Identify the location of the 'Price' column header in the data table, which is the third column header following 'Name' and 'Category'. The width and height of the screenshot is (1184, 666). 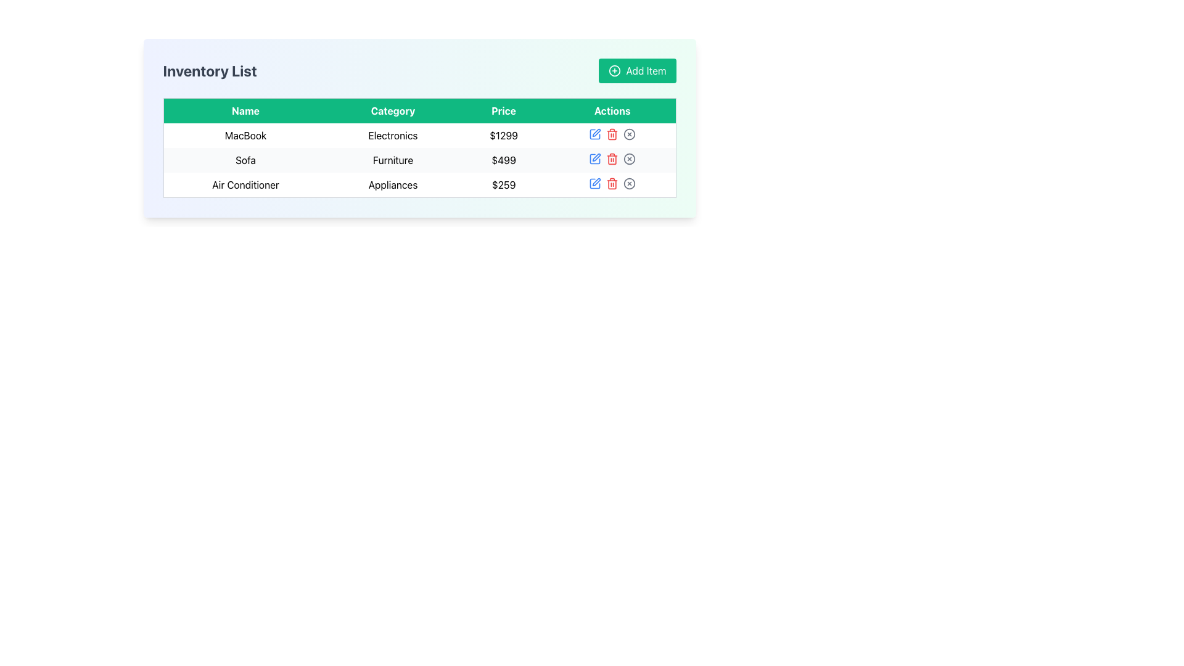
(504, 110).